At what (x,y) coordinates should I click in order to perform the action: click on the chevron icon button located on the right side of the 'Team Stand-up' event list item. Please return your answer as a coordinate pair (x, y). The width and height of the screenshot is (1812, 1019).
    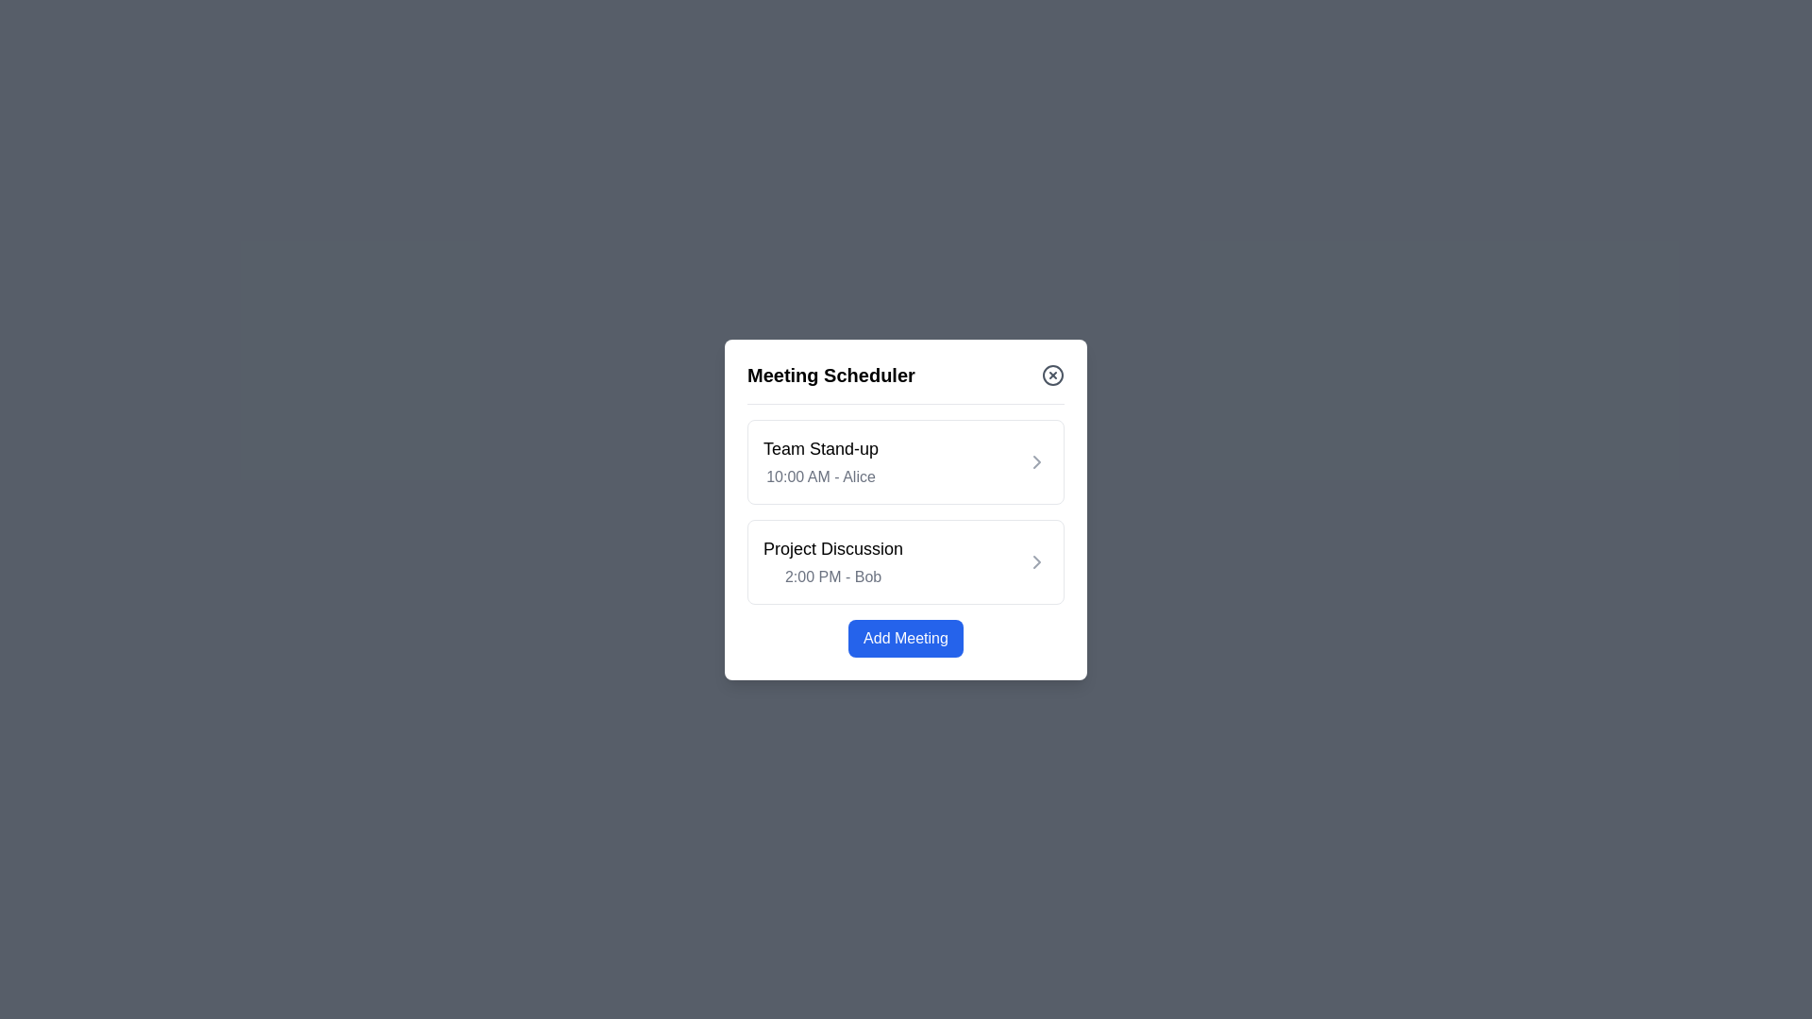
    Looking at the image, I should click on (1036, 461).